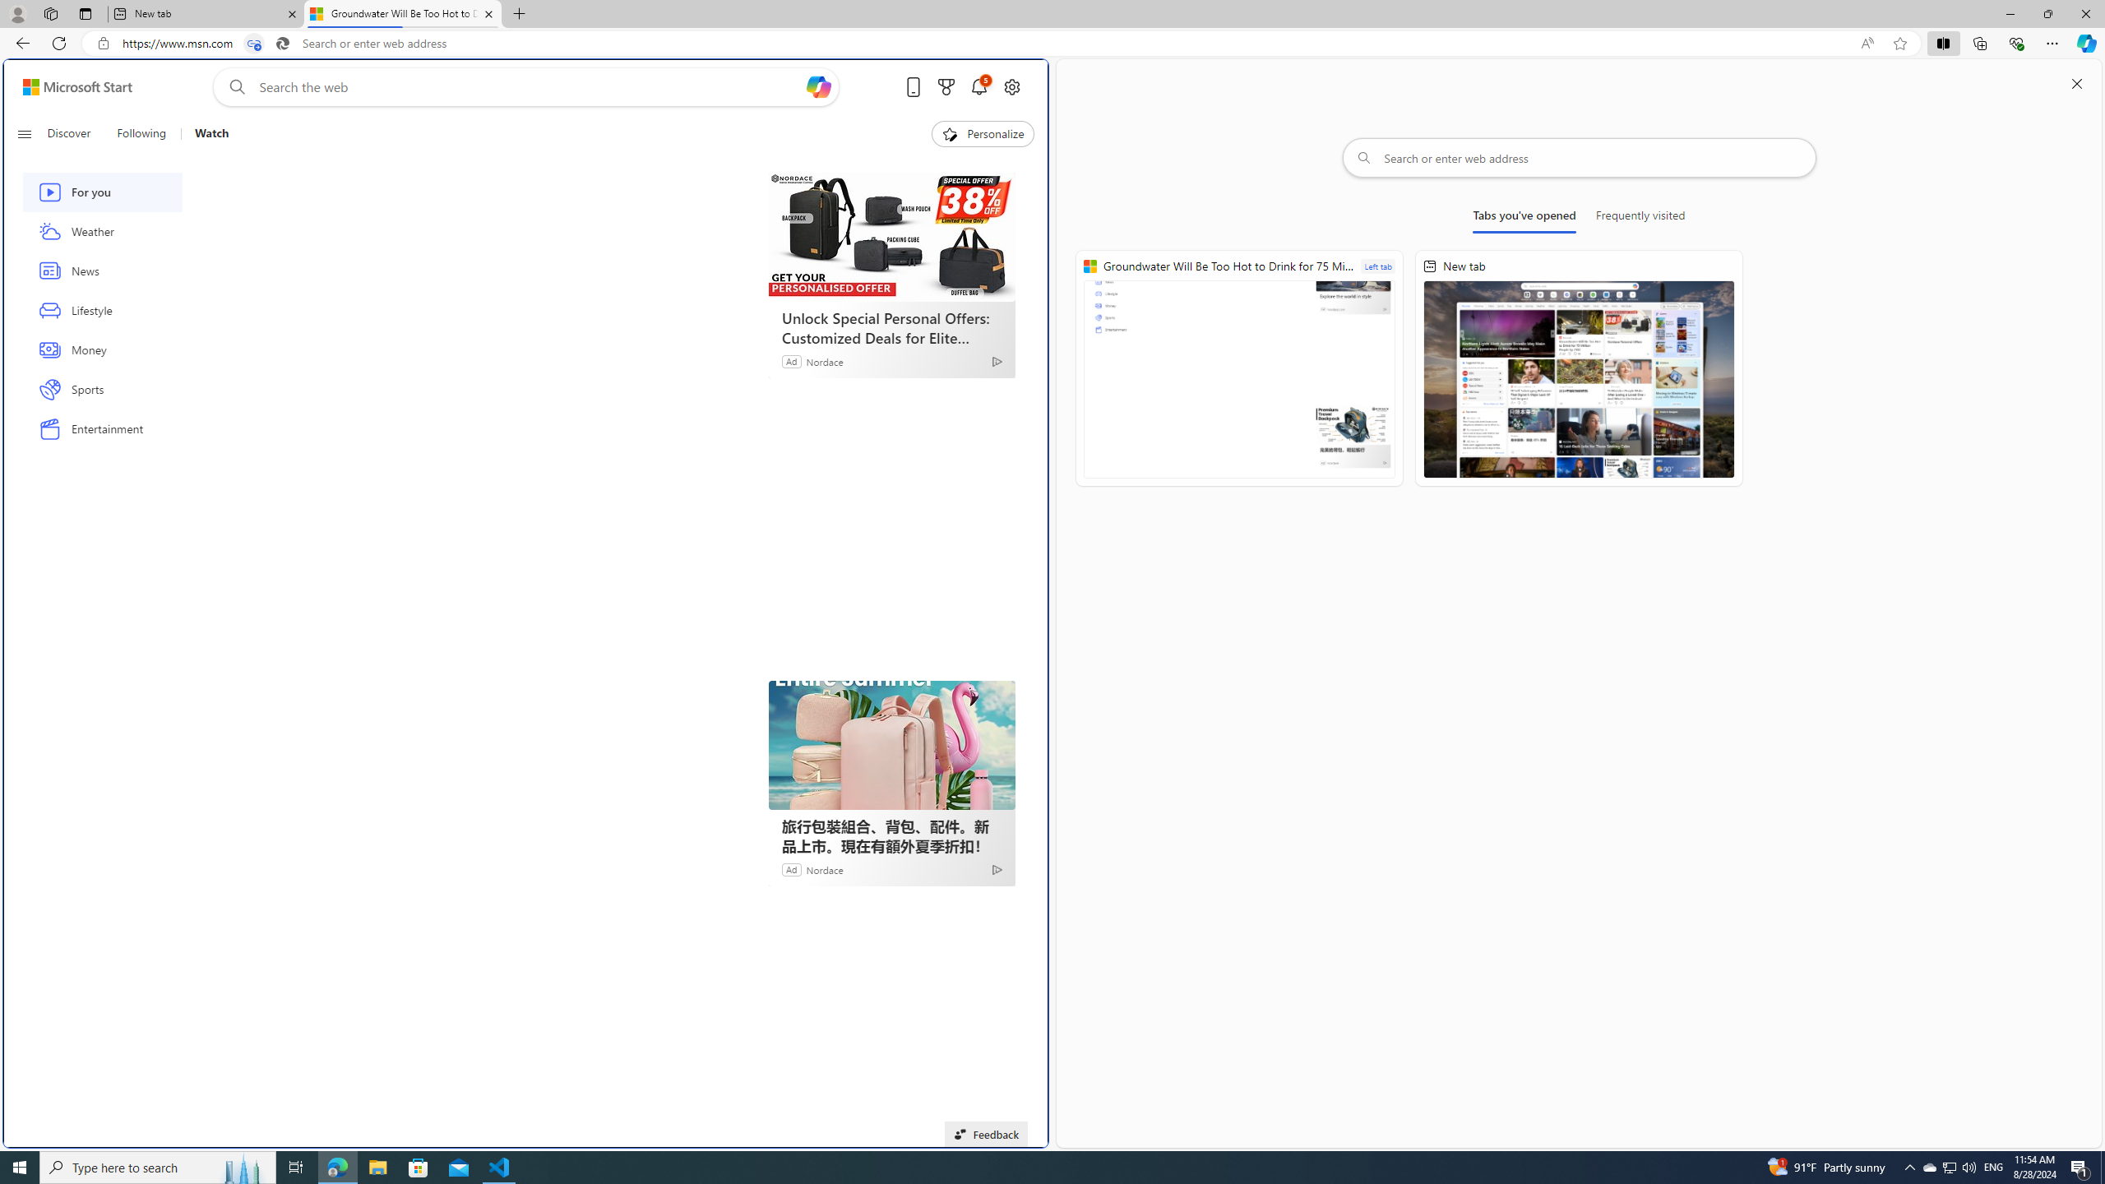 This screenshot has height=1184, width=2105. Describe the element at coordinates (210, 133) in the screenshot. I see `'Watch'` at that location.